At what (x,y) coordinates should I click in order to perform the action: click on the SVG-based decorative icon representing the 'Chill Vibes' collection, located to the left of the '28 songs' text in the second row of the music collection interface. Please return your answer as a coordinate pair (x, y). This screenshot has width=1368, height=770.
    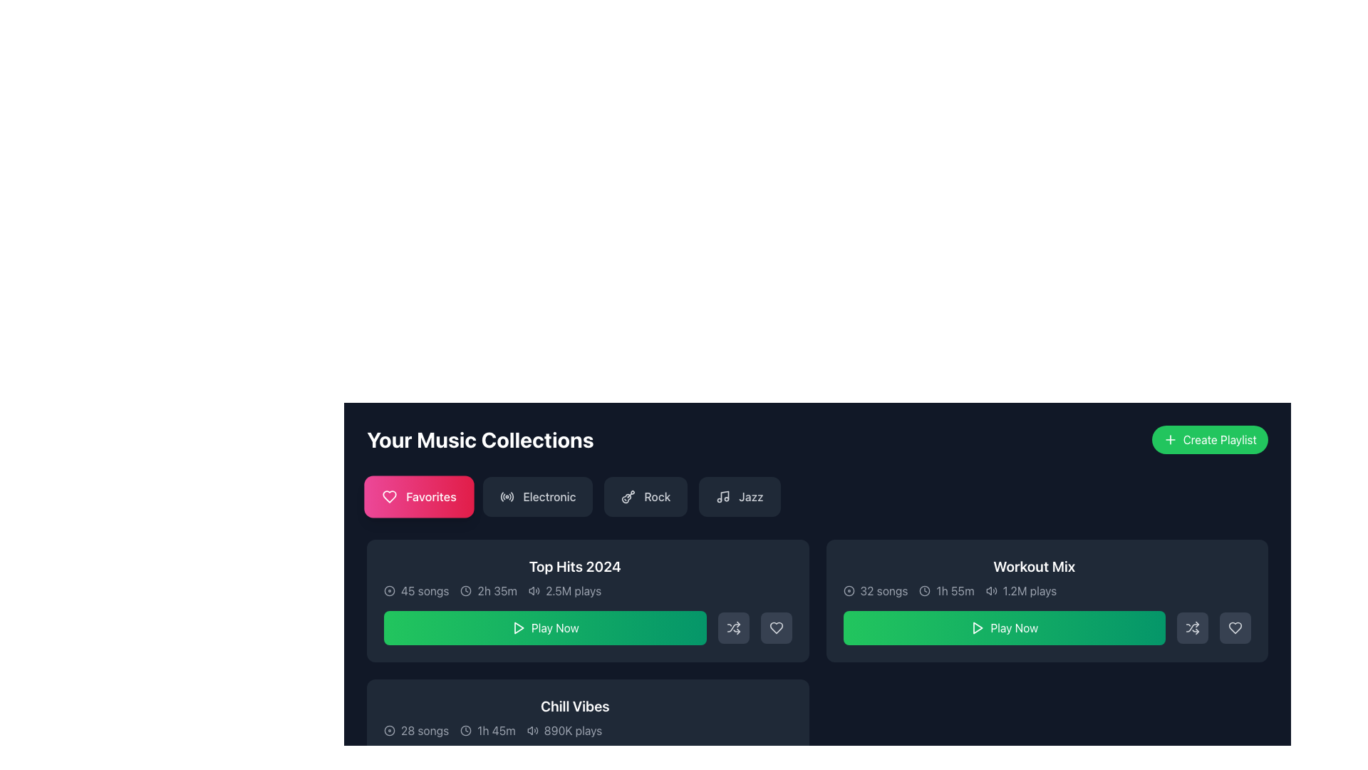
    Looking at the image, I should click on (390, 731).